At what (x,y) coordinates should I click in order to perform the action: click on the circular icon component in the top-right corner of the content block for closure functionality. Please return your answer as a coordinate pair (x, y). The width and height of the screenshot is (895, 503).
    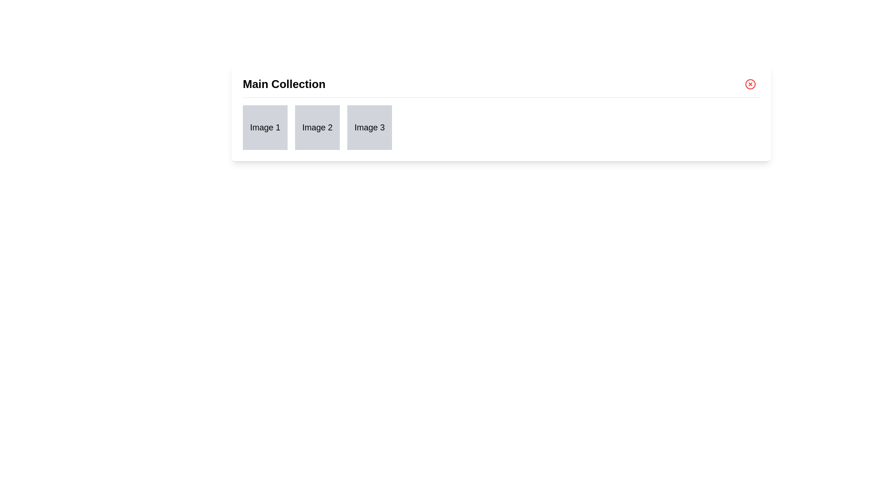
    Looking at the image, I should click on (750, 84).